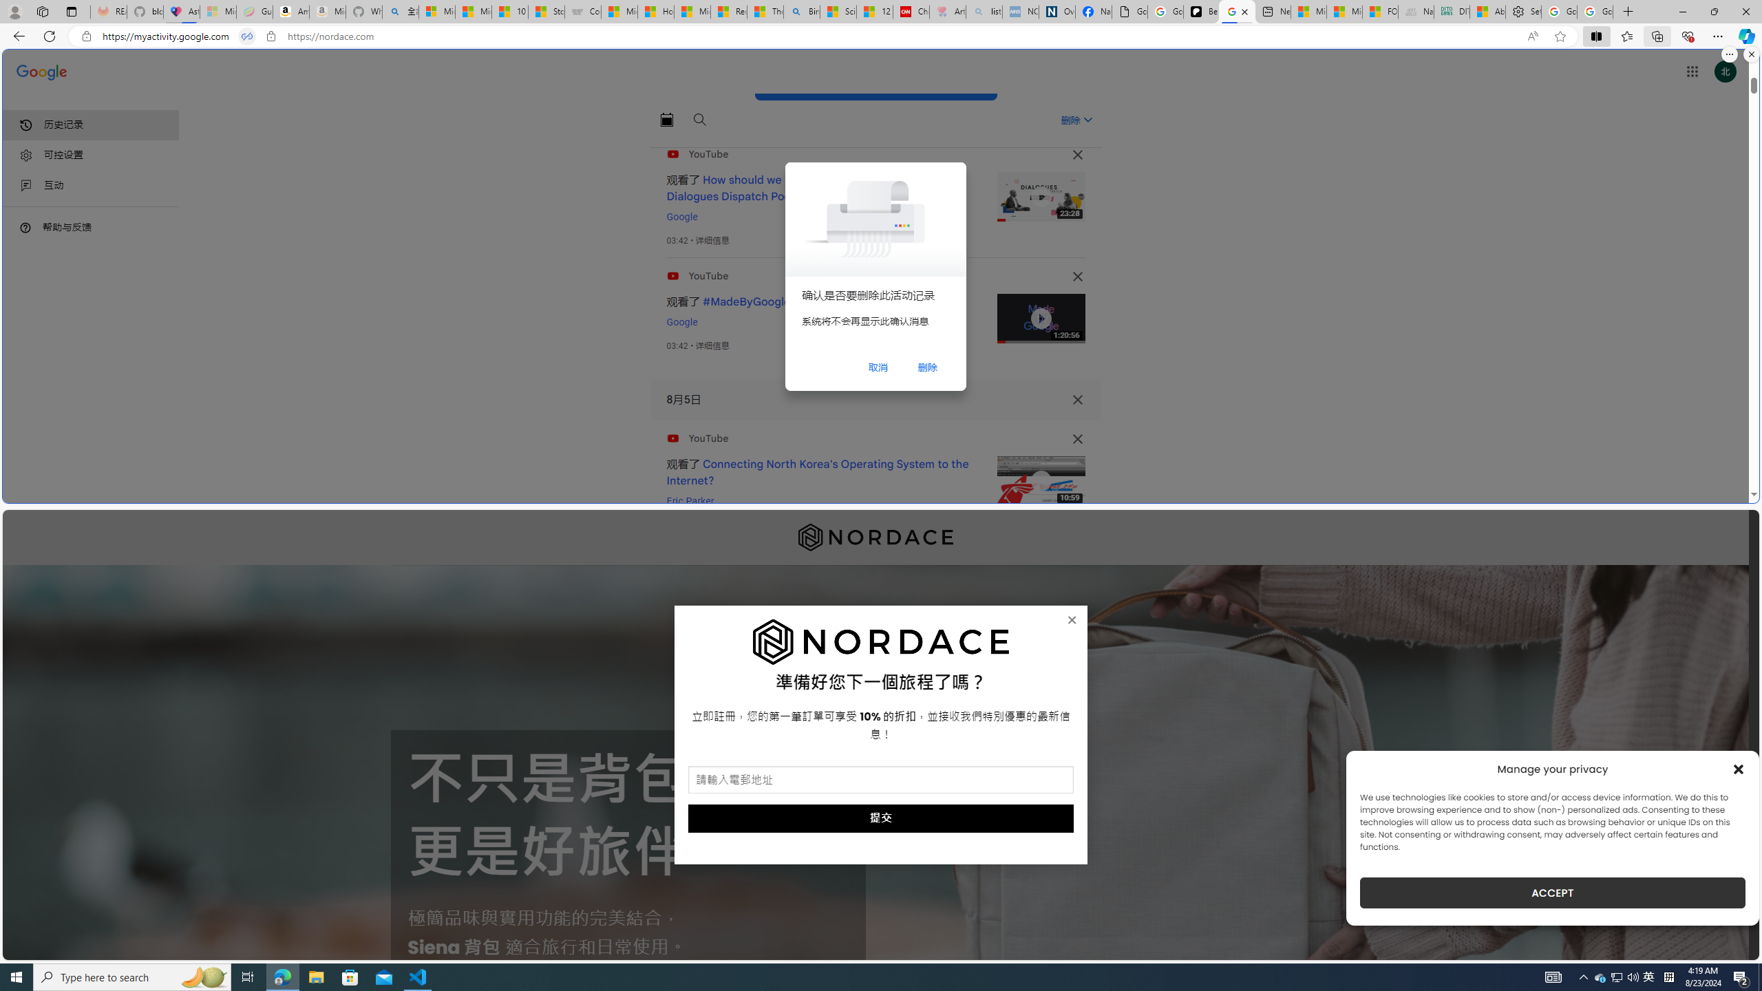 This screenshot has height=991, width=1762. Describe the element at coordinates (837, 11) in the screenshot. I see `'Science - MSN'` at that location.